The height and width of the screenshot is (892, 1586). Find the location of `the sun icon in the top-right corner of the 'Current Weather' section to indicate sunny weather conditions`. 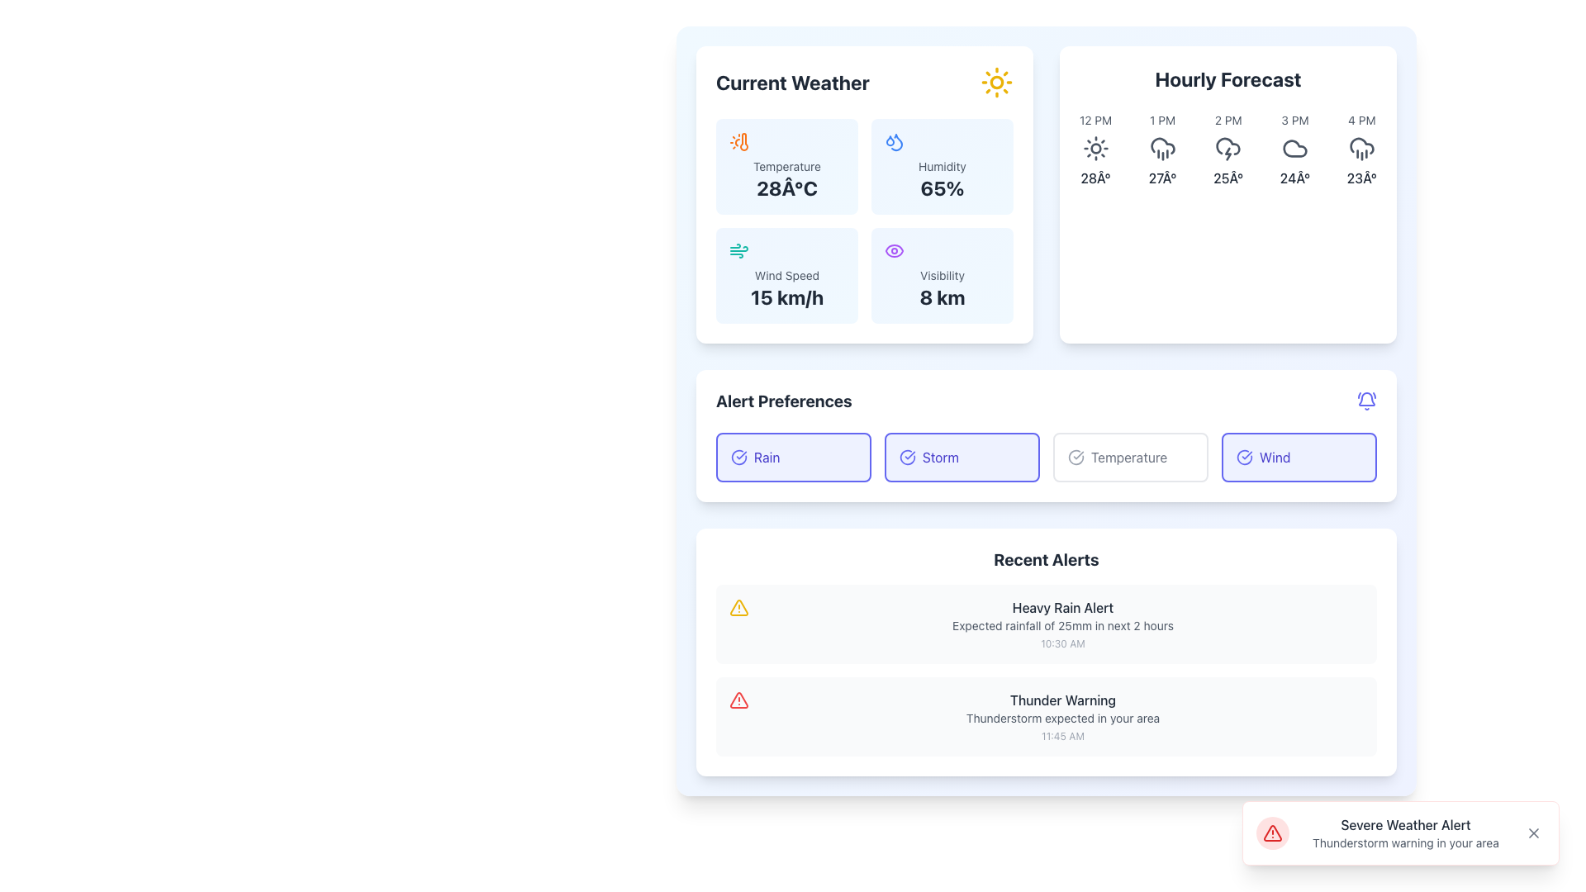

the sun icon in the top-right corner of the 'Current Weather' section to indicate sunny weather conditions is located at coordinates (995, 83).